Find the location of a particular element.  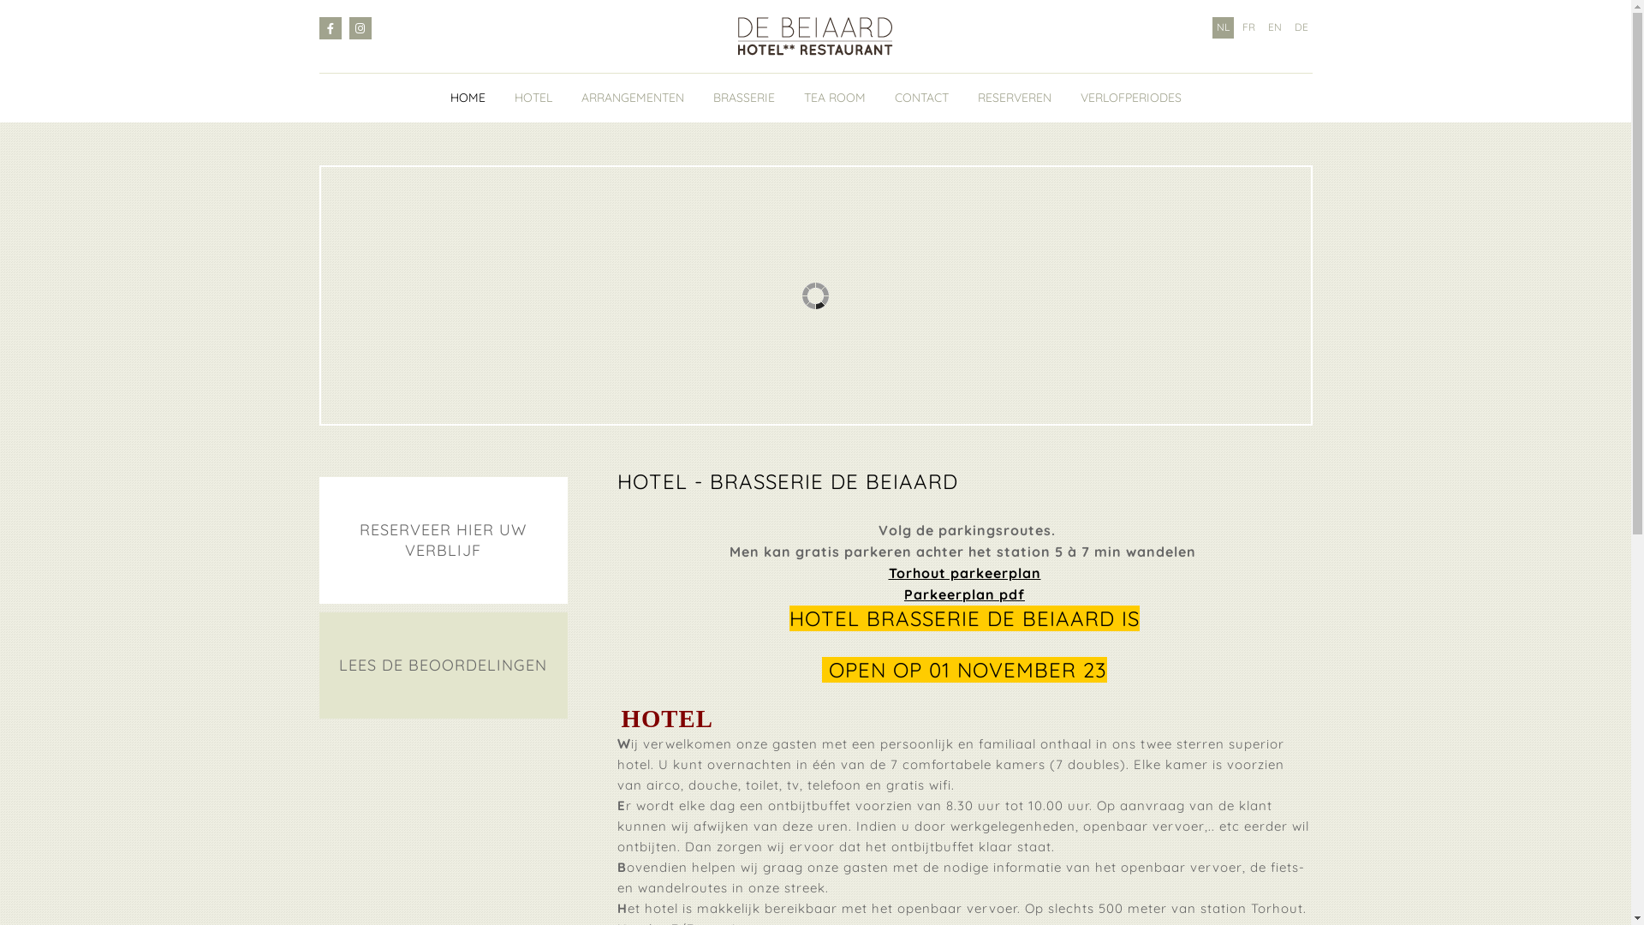

'FR' is located at coordinates (1237, 27).